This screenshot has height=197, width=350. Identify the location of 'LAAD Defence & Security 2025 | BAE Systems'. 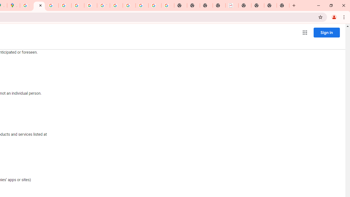
(232, 5).